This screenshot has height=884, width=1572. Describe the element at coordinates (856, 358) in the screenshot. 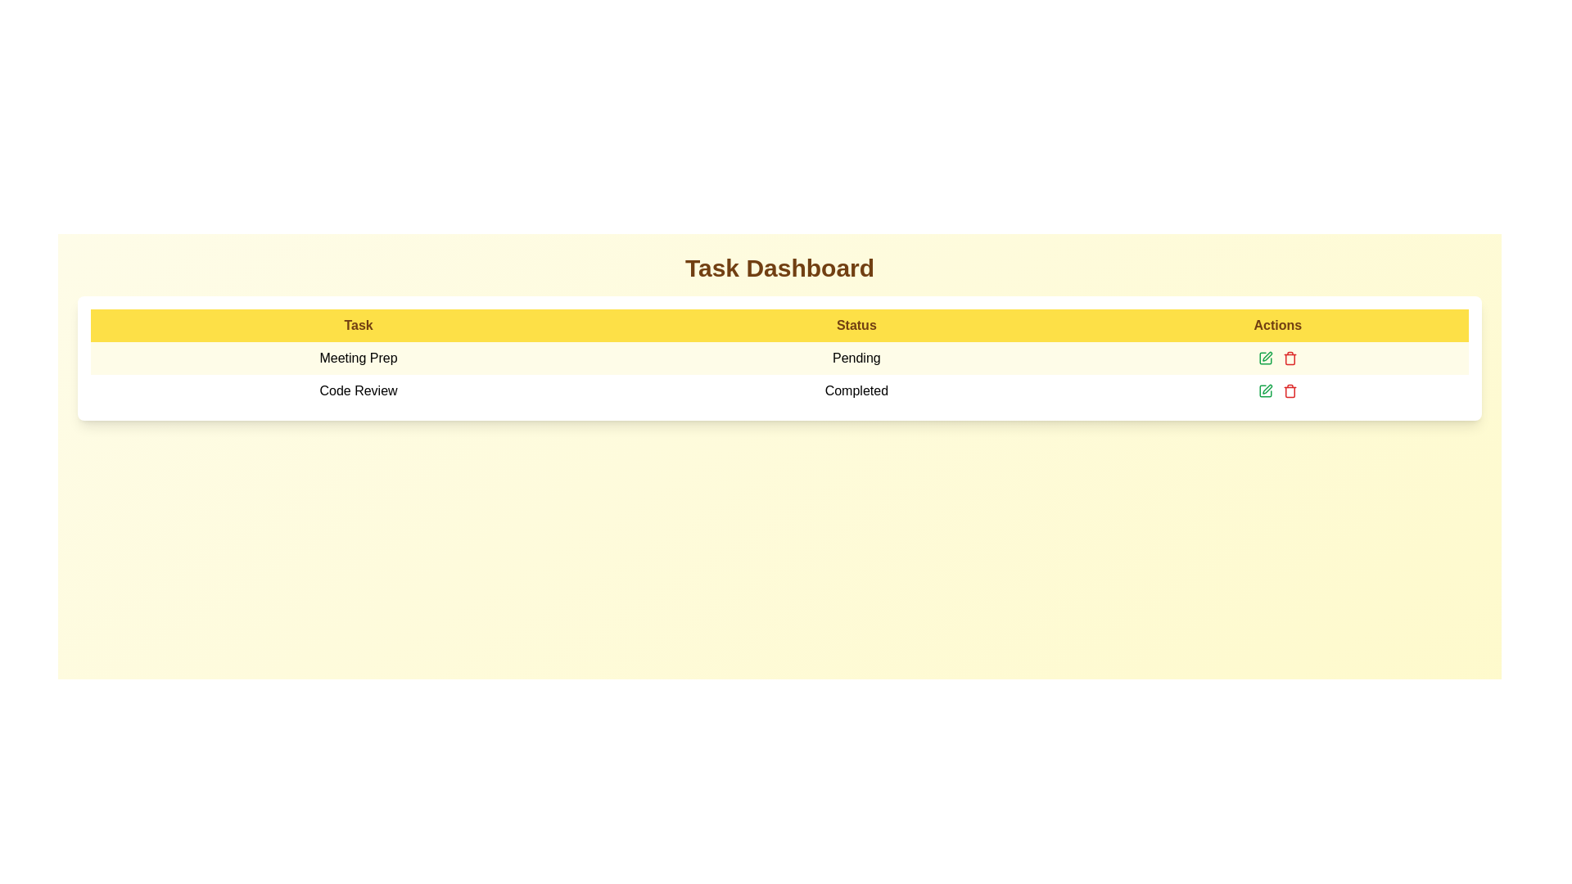

I see `the text label element displaying 'Pending' within the yellow-highlighted status column of the table on the dashboard interface` at that location.